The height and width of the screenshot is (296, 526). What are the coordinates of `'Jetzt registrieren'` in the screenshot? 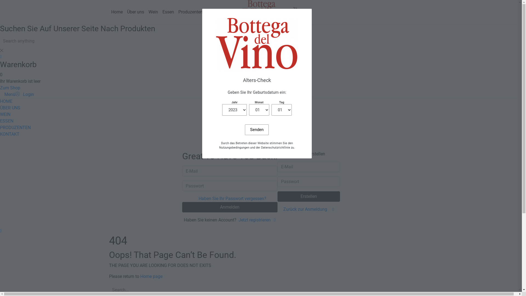 It's located at (238, 220).